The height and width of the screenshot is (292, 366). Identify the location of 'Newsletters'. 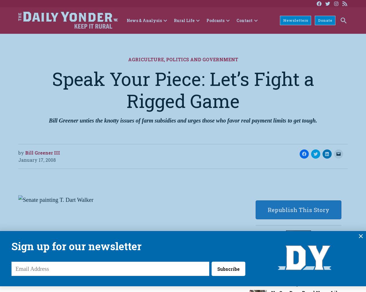
(295, 20).